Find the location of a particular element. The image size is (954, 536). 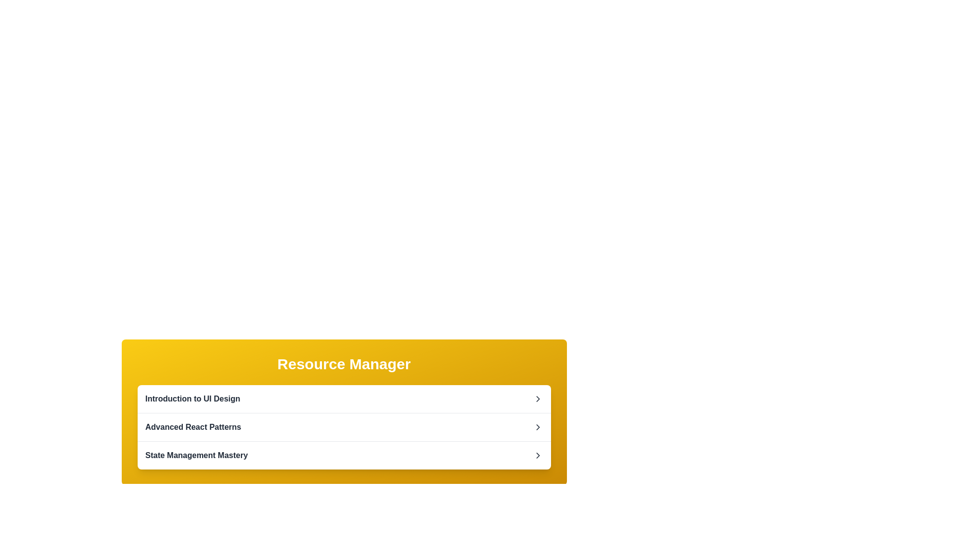

the Chevron Icon (Navigation Indicator) located at the far-right side of the row labeled 'Introduction to UI Design' is located at coordinates (537, 398).